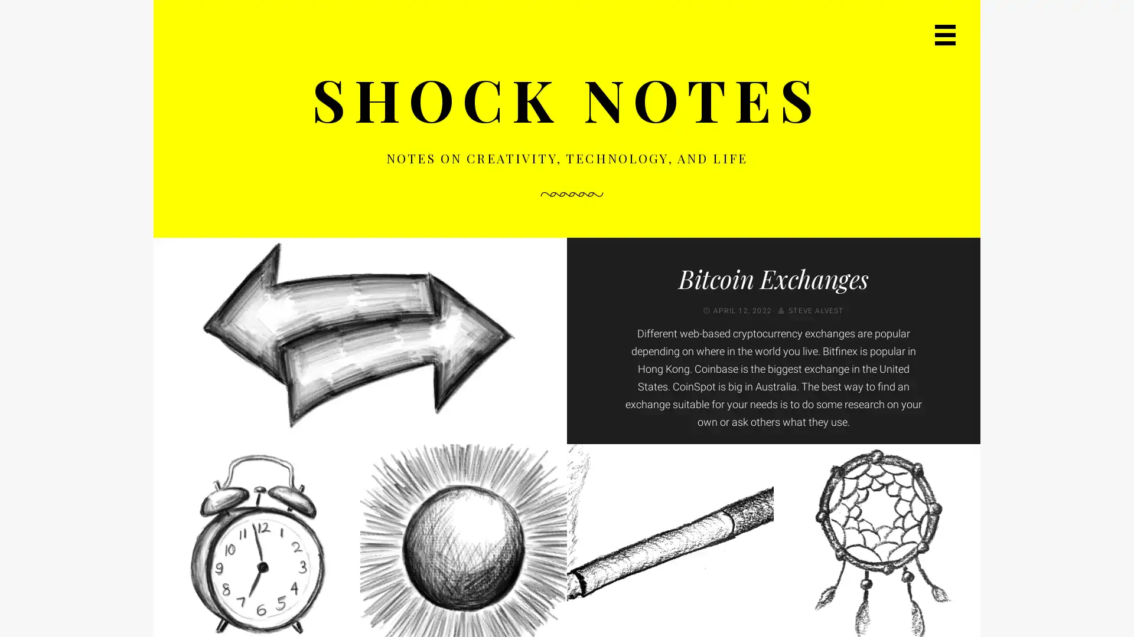 Image resolution: width=1134 pixels, height=637 pixels. What do you see at coordinates (945, 34) in the screenshot?
I see `Primary Navigation Menu` at bounding box center [945, 34].